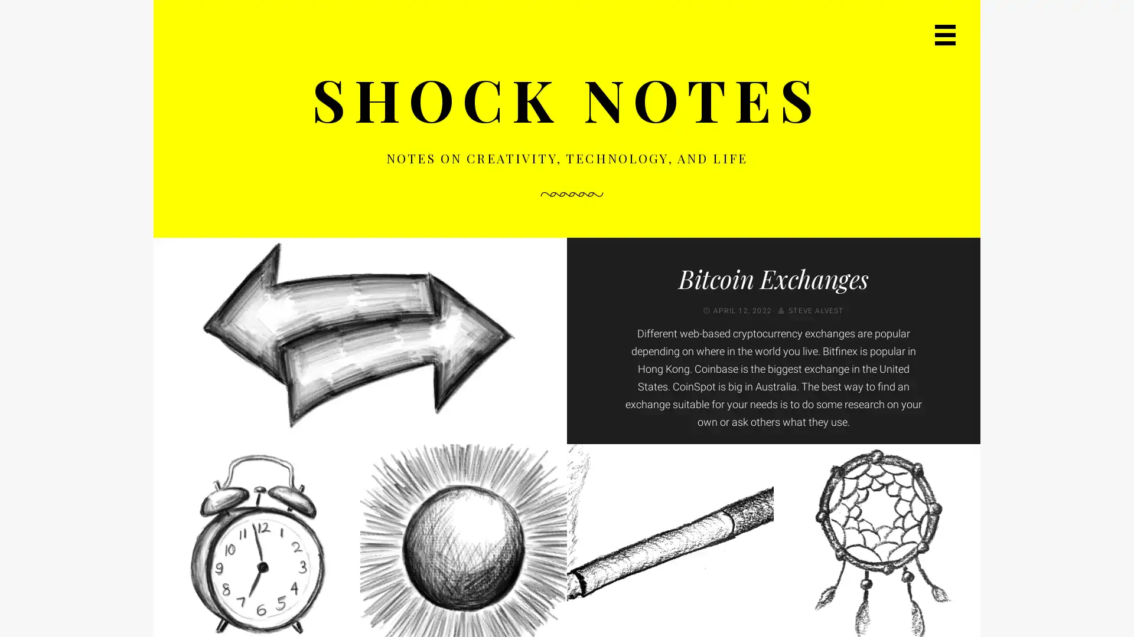 Image resolution: width=1134 pixels, height=637 pixels. What do you see at coordinates (945, 34) in the screenshot?
I see `Primary Navigation Menu` at bounding box center [945, 34].